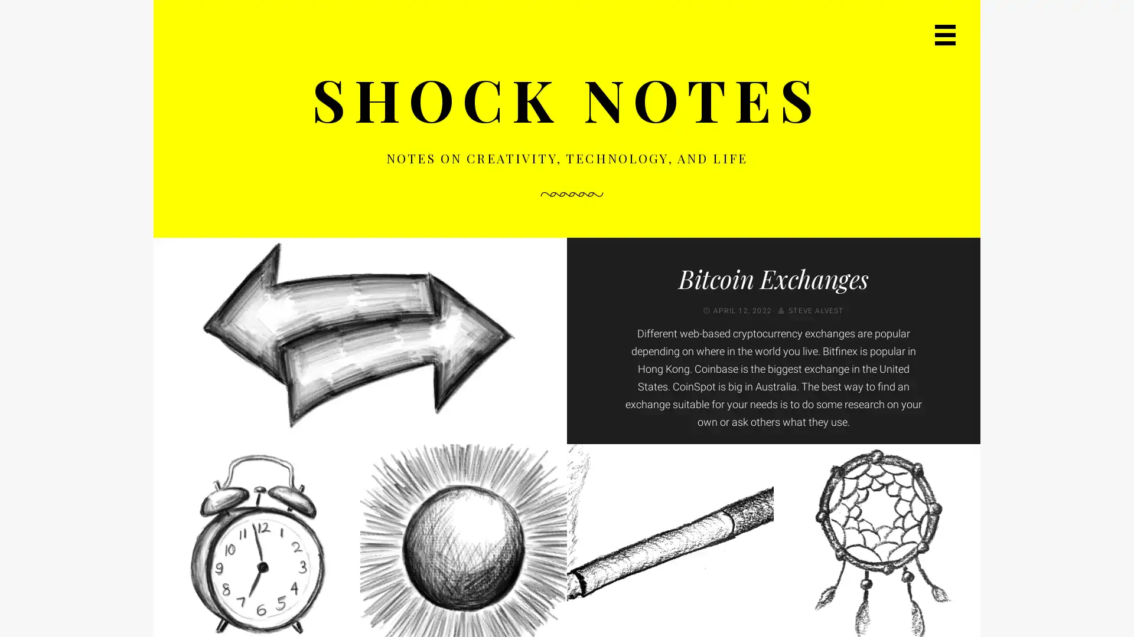 Image resolution: width=1134 pixels, height=637 pixels. What do you see at coordinates (945, 34) in the screenshot?
I see `Primary Navigation Menu` at bounding box center [945, 34].